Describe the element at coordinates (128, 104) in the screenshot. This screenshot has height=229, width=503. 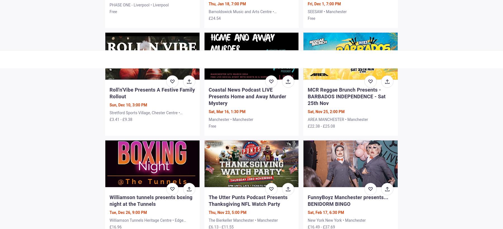
I see `'Sun, Dec 10, 3:00 PM'` at that location.